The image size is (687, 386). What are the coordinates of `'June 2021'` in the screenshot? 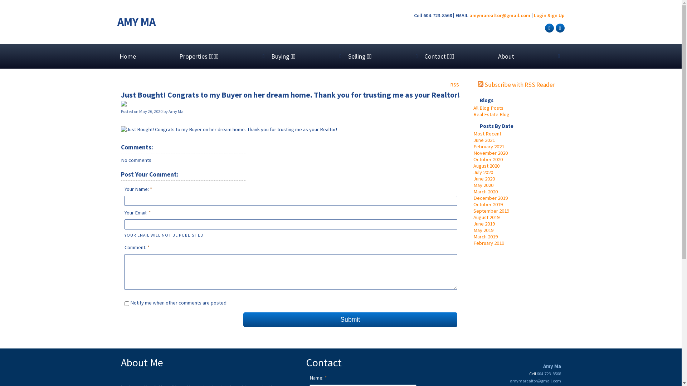 It's located at (484, 140).